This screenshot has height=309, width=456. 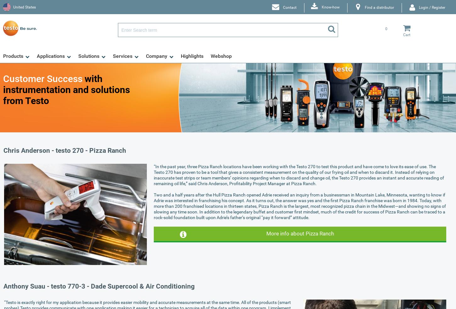 I want to click on '“In the past year, three Pizza Ranch locations have been working with the Testo 270 to test this product and have come to love its ease of use. The Testo 270 has proven to be a tool that gives a consistent measurement on the quality of our frying oil and when to discard it. Instead of relying on inaccurate test strips or team members’ opinions regarding when to discard and change oil, the Testo 270 provides an instant and accurate reading of remaining oil life,” said Chris Anderson, Profitability Project Manager at Pizza Ranch.', so click(x=153, y=175).